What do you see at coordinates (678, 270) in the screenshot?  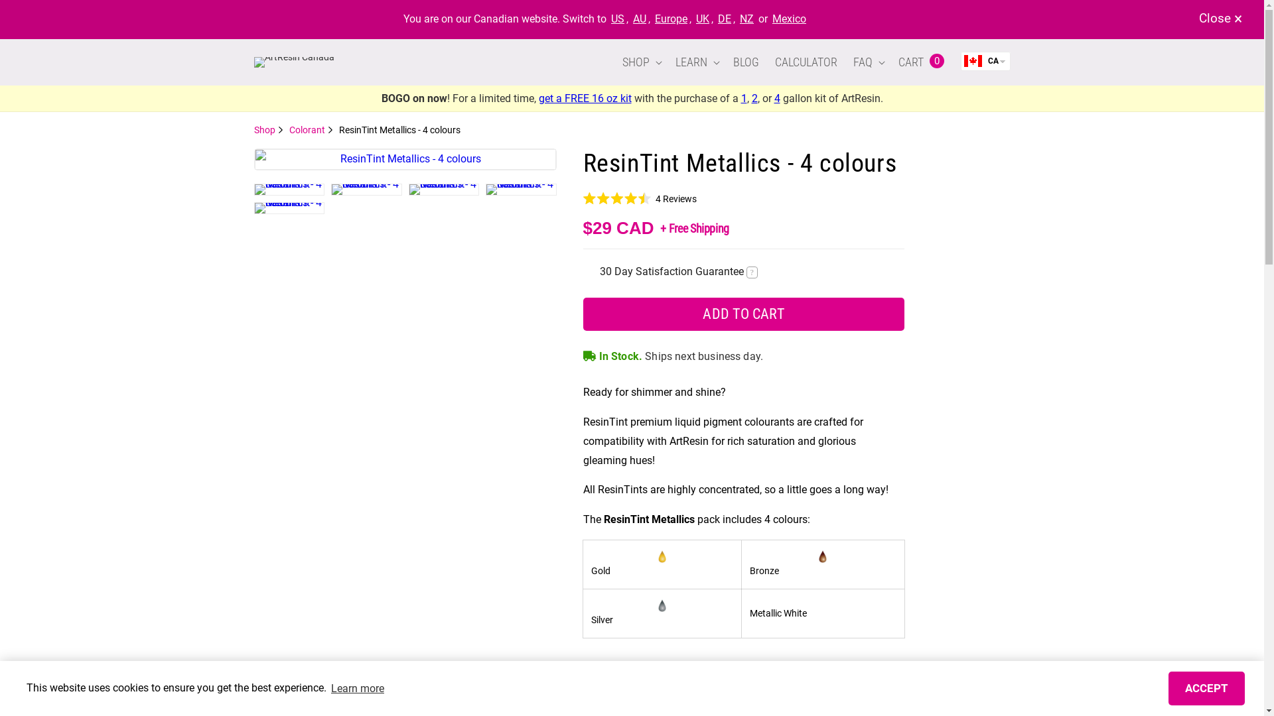 I see `'30 Day Satisfaction Guarantee ?'` at bounding box center [678, 270].